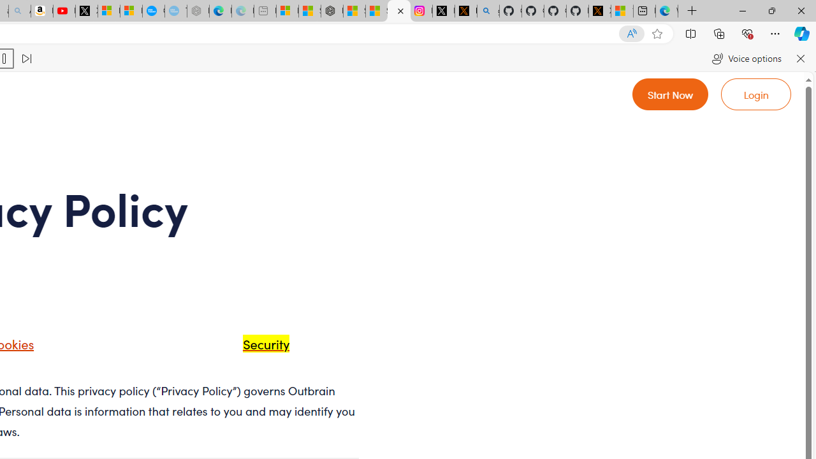  I want to click on 'Nordace - Nordace has arrived Hong Kong - Sleeping', so click(198, 11).